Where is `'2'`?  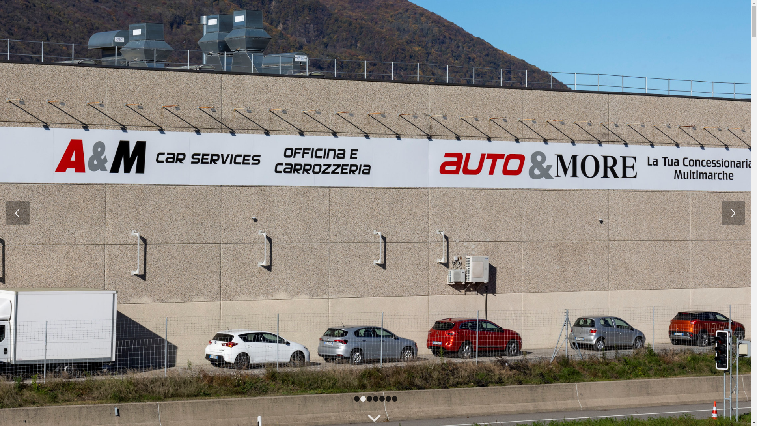
'2' is located at coordinates (363, 398).